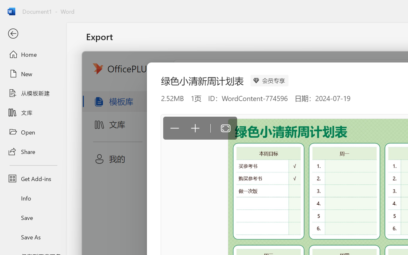 Image resolution: width=408 pixels, height=255 pixels. Describe the element at coordinates (33, 178) in the screenshot. I see `'Get Add-ins'` at that location.